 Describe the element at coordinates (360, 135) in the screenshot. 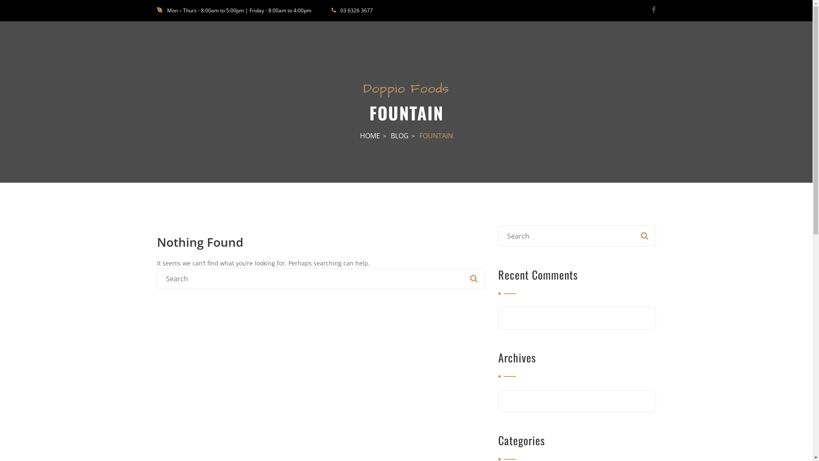

I see `'HOME'` at that location.